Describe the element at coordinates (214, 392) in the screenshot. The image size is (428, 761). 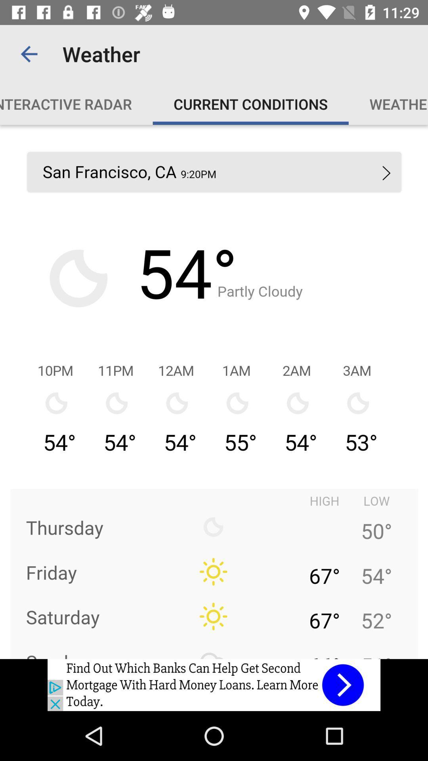
I see `weather` at that location.